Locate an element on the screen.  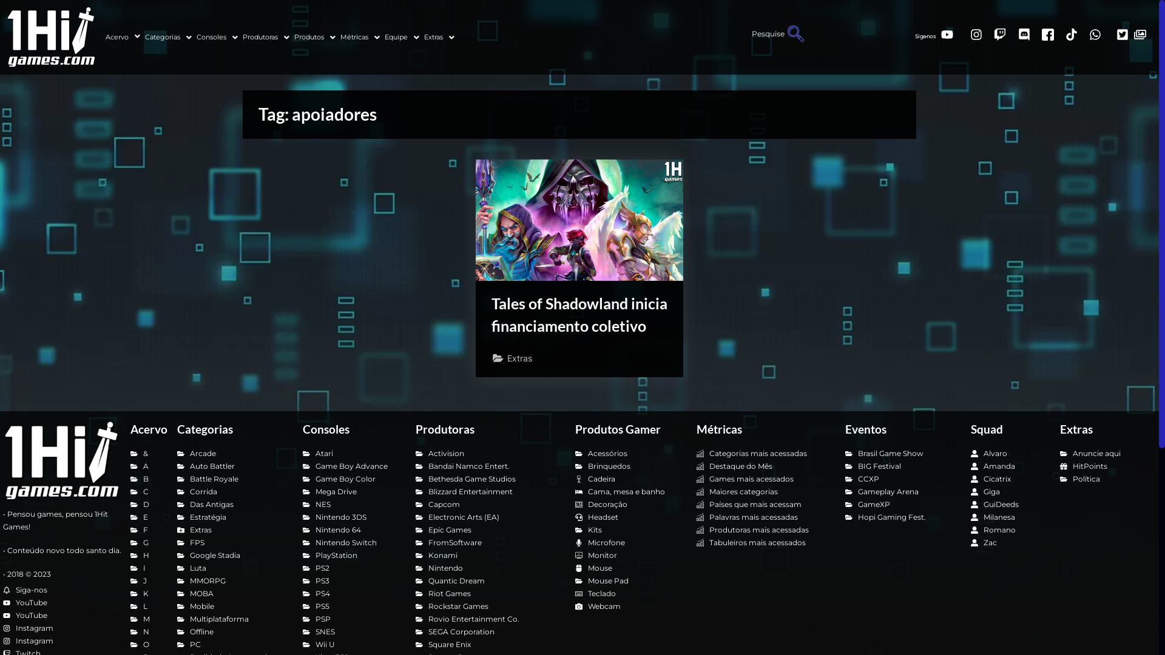
'A' is located at coordinates (130, 465).